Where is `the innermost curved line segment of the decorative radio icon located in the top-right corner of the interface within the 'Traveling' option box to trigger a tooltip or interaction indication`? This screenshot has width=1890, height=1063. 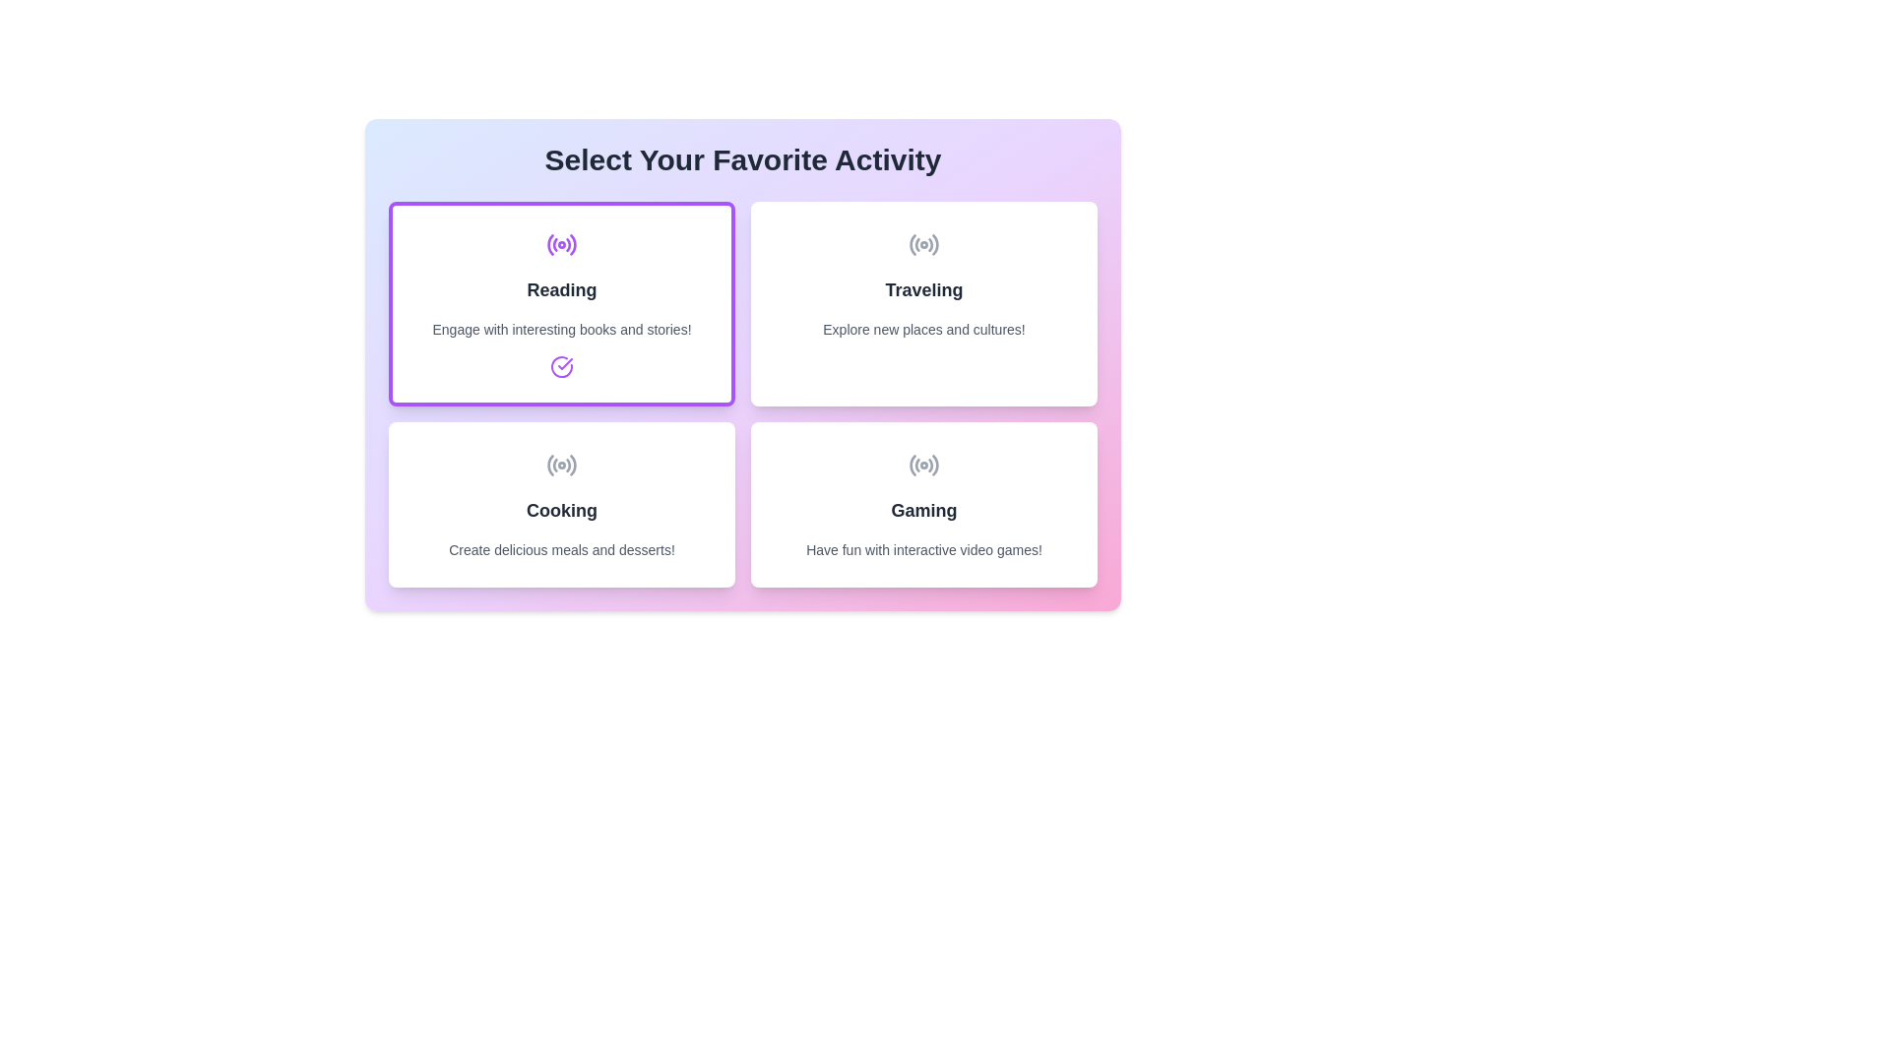 the innermost curved line segment of the decorative radio icon located in the top-right corner of the interface within the 'Traveling' option box to trigger a tooltip or interaction indication is located at coordinates (912, 244).